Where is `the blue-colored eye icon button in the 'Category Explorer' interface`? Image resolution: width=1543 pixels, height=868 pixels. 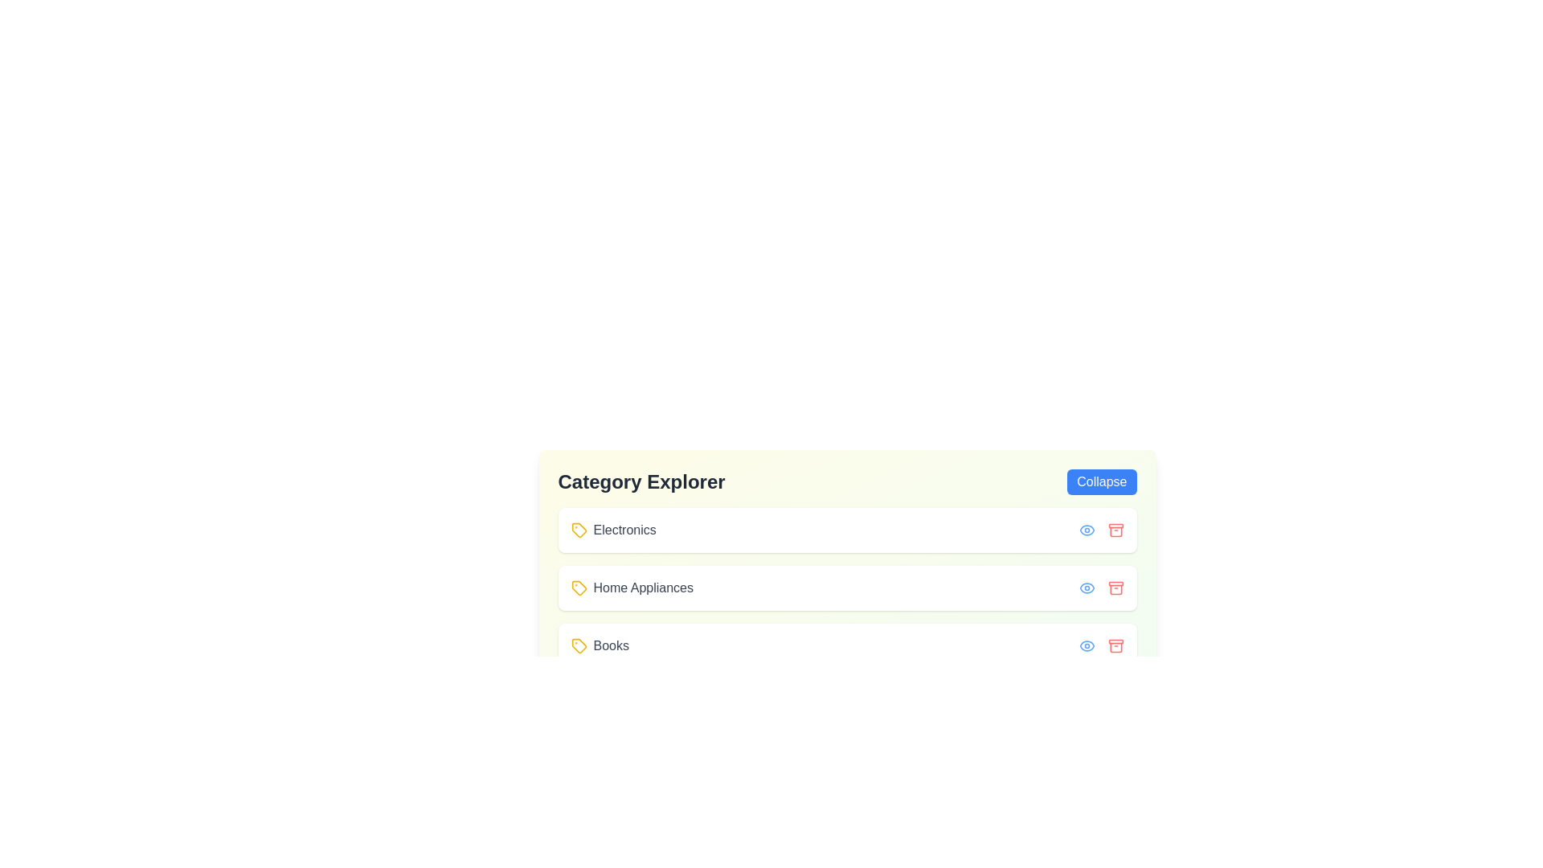
the blue-colored eye icon button in the 'Category Explorer' interface is located at coordinates (1087, 588).